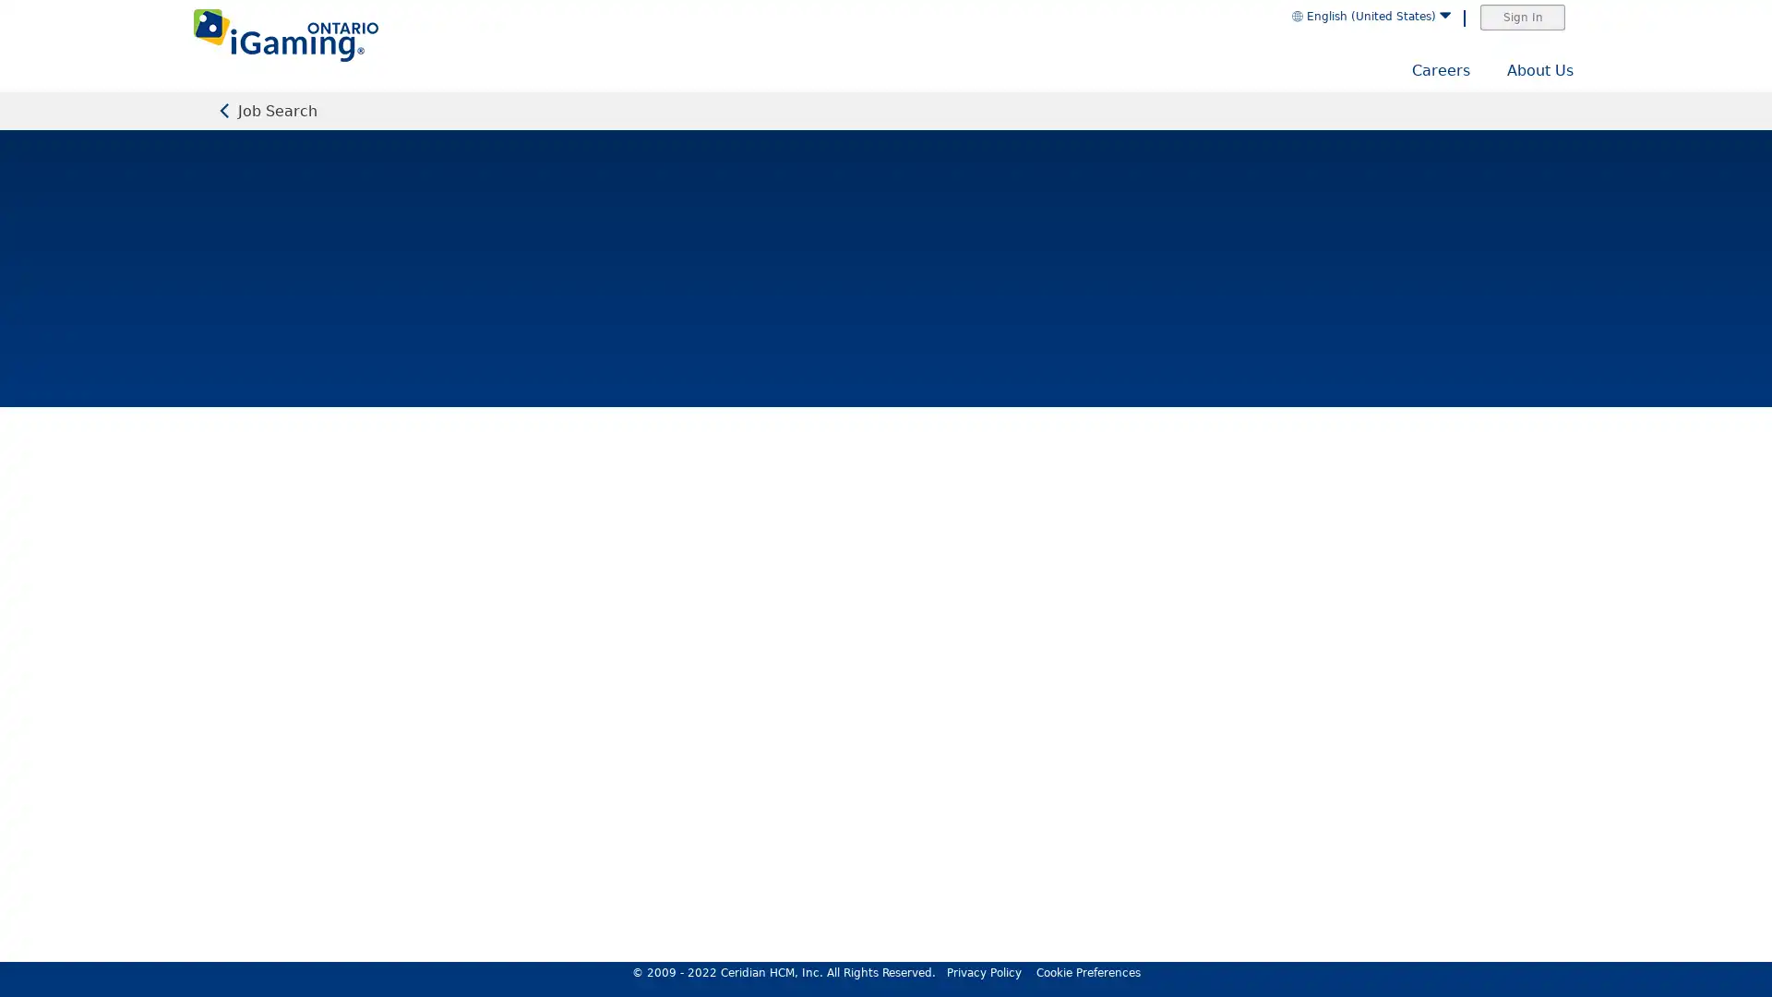 The image size is (1772, 997). I want to click on Create one now., so click(952, 632).